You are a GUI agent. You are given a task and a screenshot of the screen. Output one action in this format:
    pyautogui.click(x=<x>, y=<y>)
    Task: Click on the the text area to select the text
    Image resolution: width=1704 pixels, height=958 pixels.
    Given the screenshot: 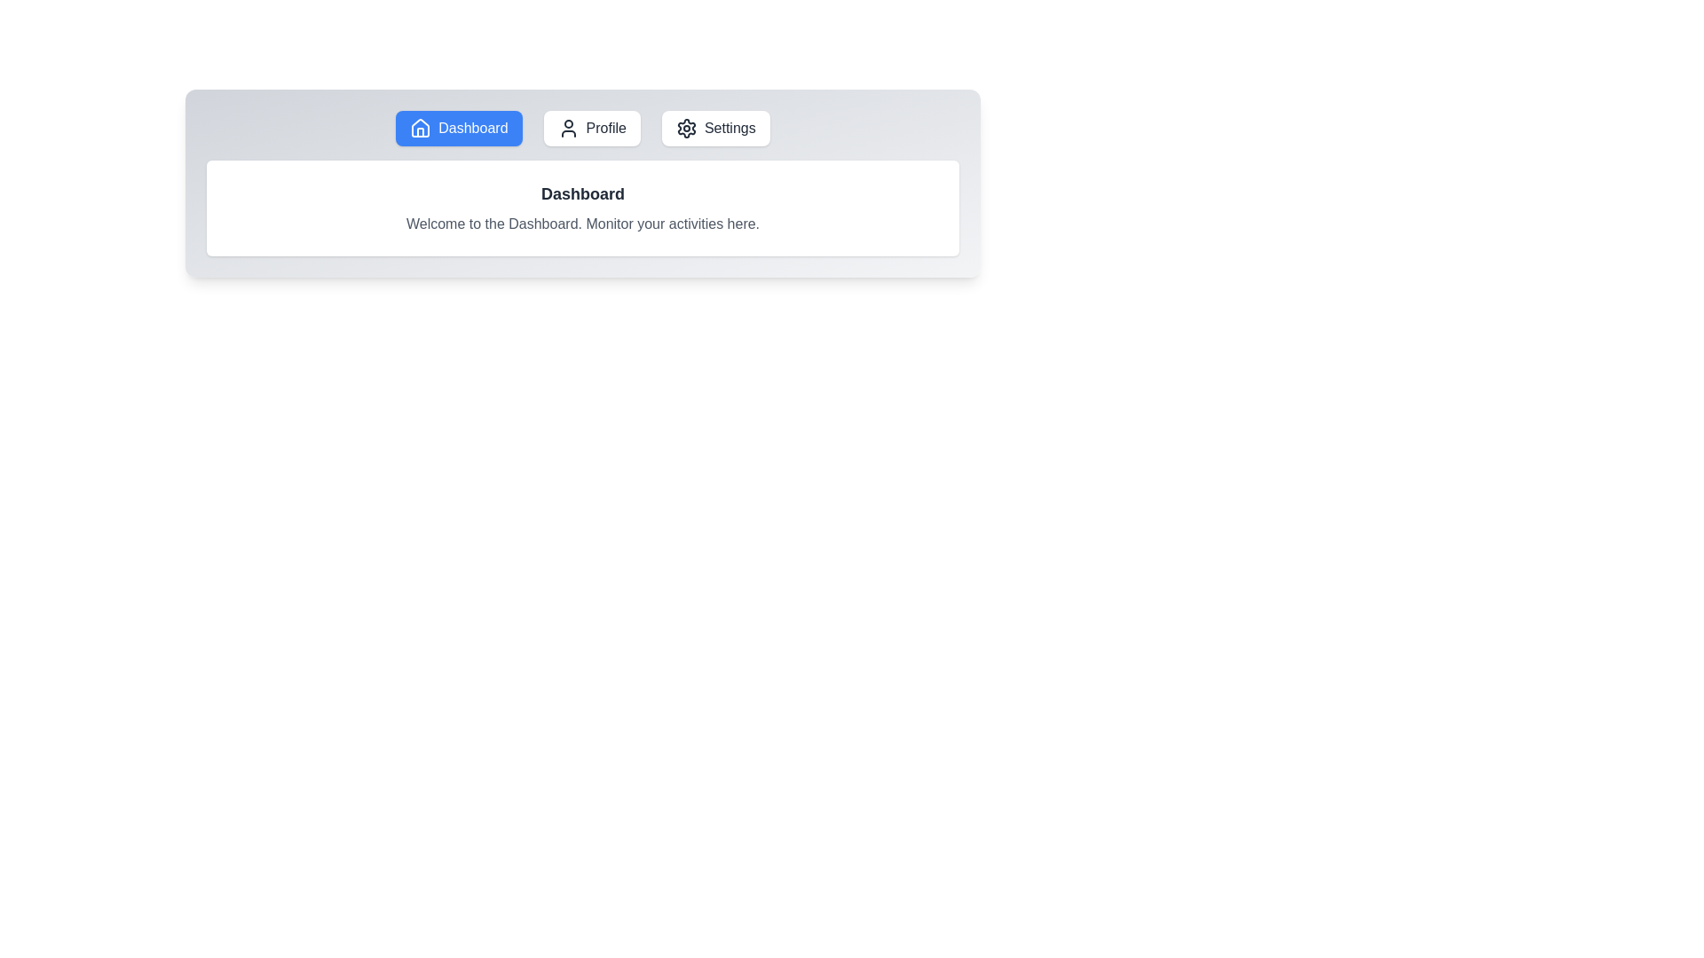 What is the action you would take?
    pyautogui.click(x=583, y=208)
    